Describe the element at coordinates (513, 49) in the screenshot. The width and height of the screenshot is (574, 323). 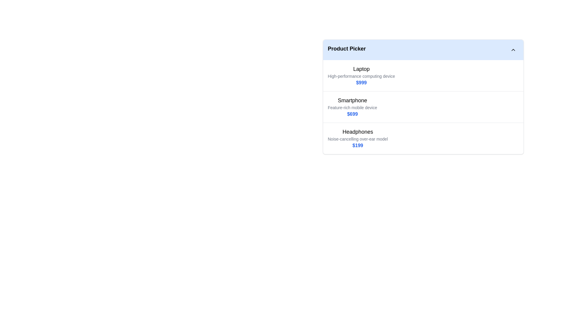
I see `the icon inside the rounded button in the top-right corner of the blue header section of the 'Product Picker' content card` at that location.